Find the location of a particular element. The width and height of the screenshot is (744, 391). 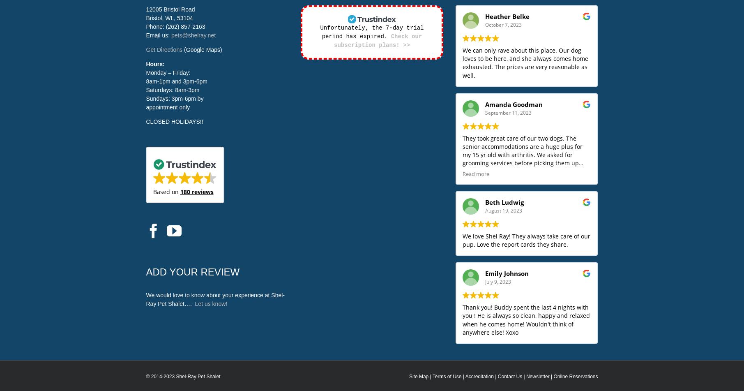

'180 reviews' is located at coordinates (196, 192).